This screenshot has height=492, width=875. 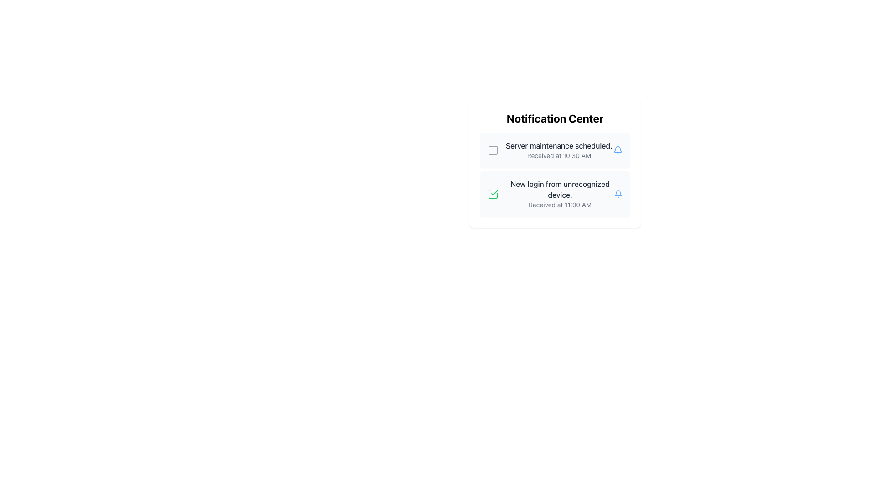 I want to click on the second notification card in the Notification Center, so click(x=555, y=163).